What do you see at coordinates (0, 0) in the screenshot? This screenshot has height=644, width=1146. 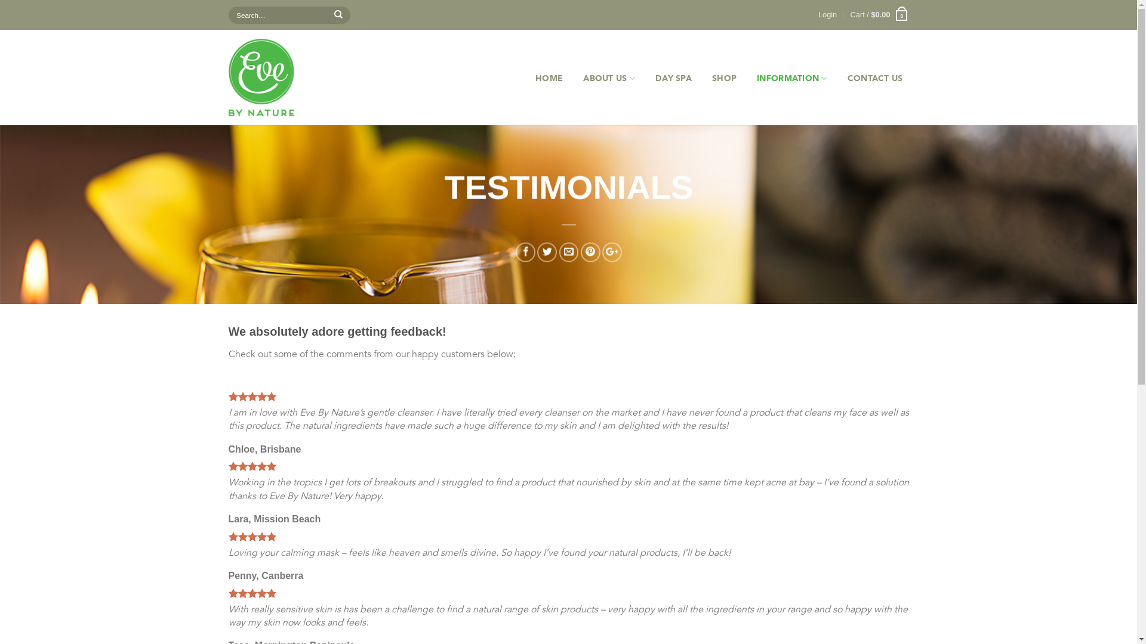 I see `'Skip to content'` at bounding box center [0, 0].